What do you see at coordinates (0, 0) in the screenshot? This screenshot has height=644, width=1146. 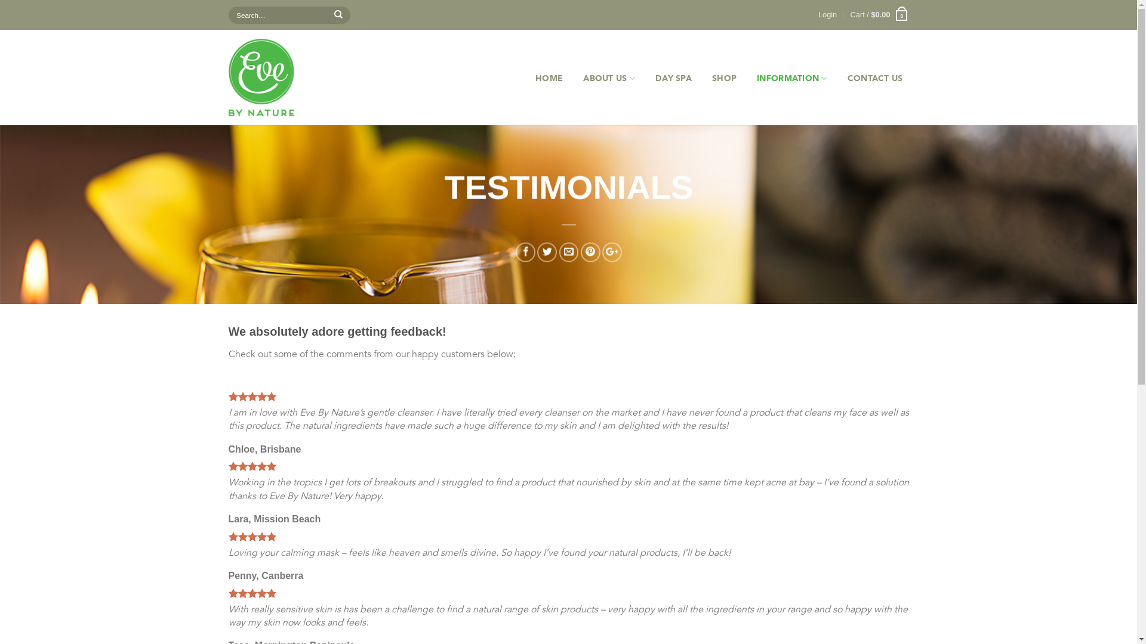 I see `'Skip to content'` at bounding box center [0, 0].